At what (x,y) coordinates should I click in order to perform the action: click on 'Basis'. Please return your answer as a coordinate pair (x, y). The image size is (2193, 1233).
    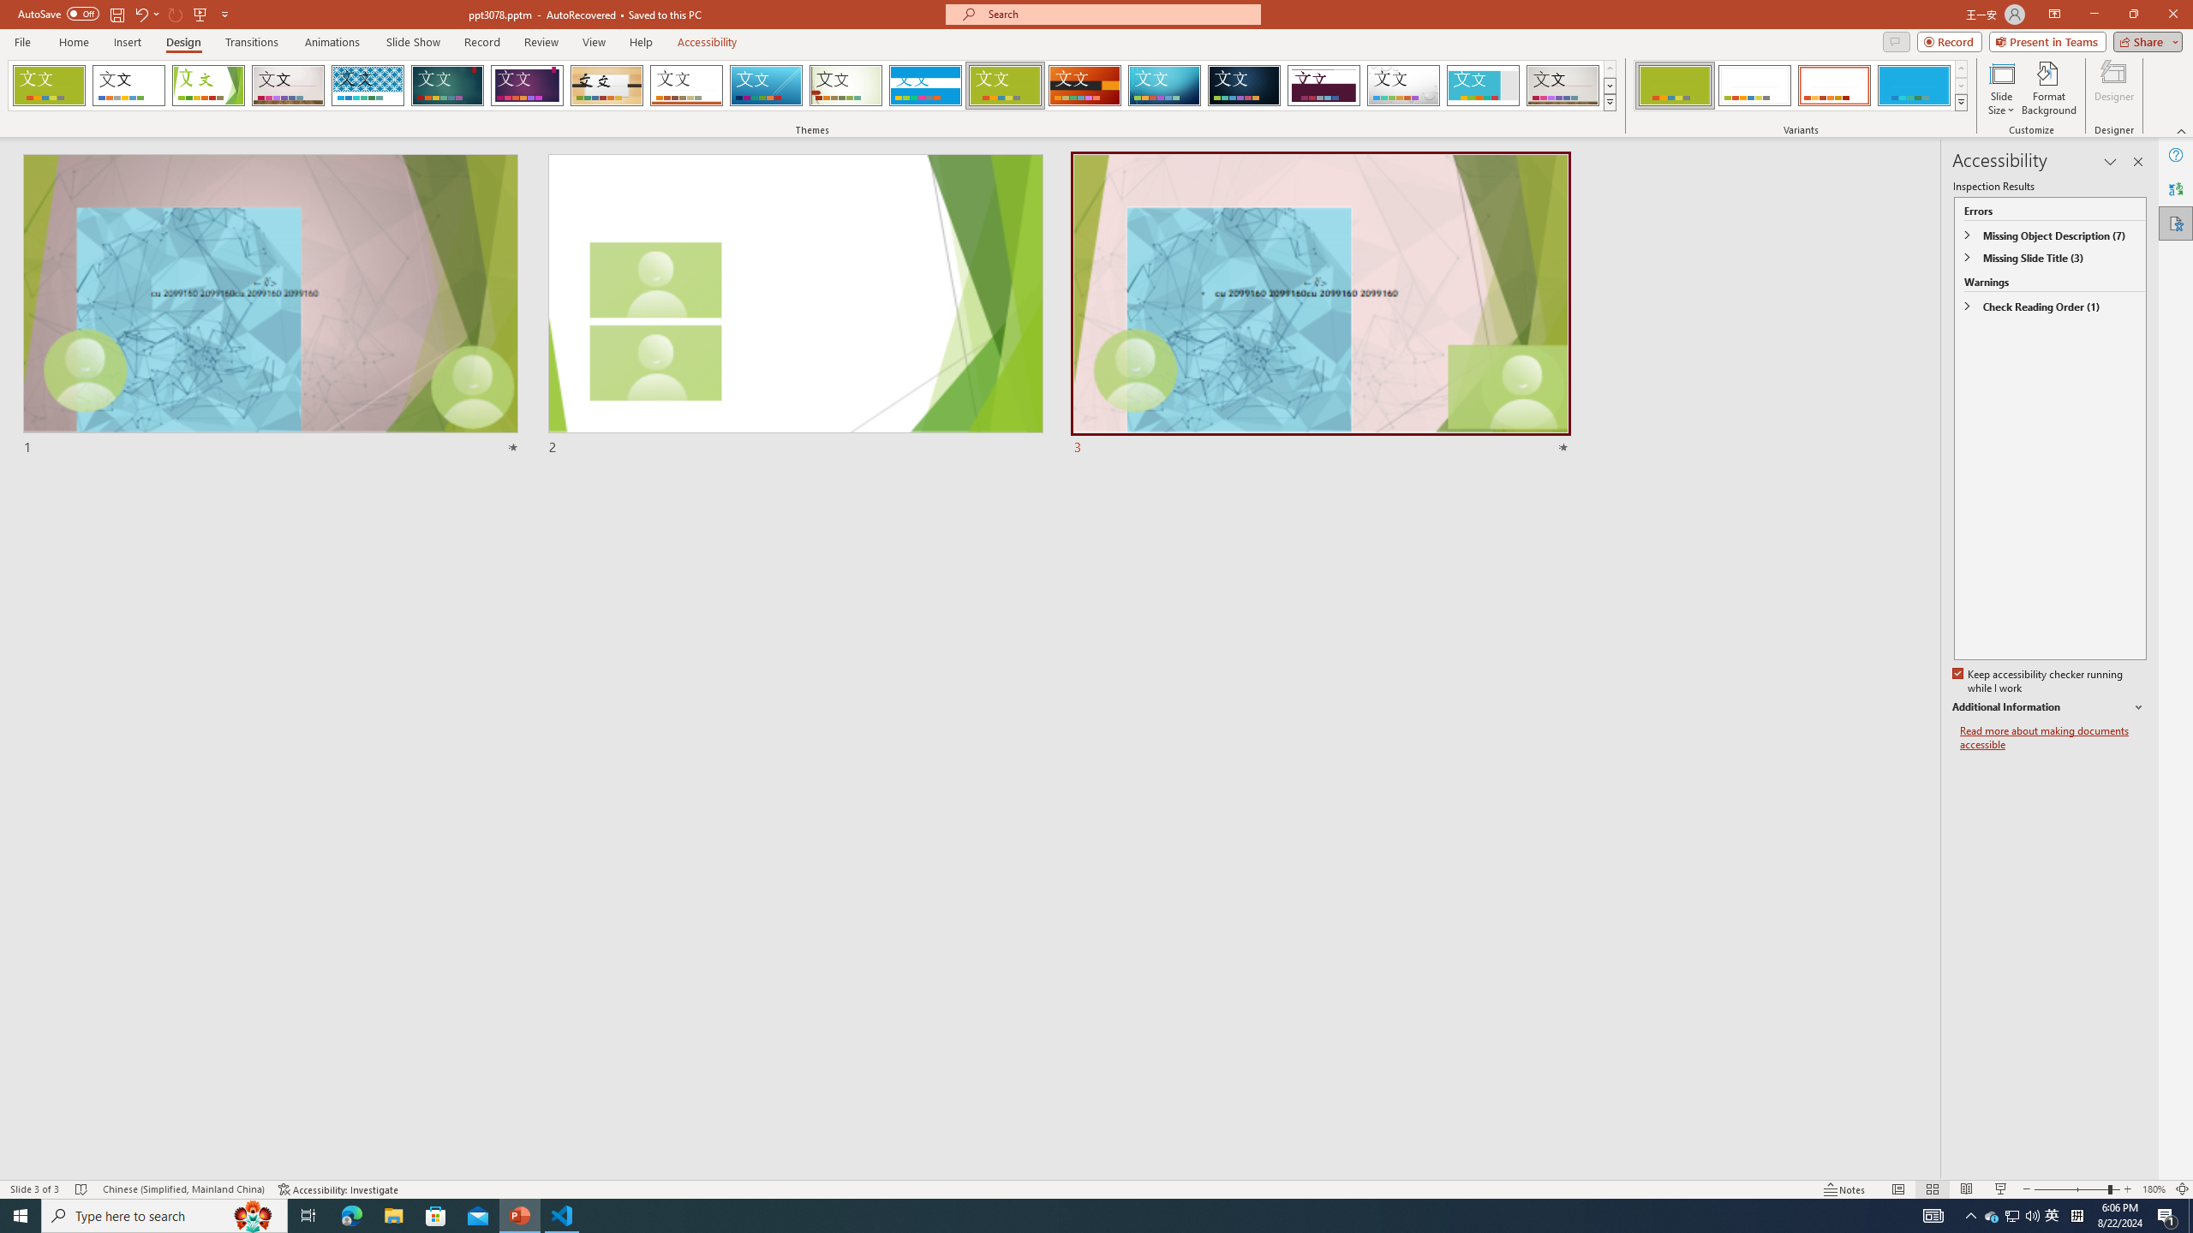
    Looking at the image, I should click on (1005, 85).